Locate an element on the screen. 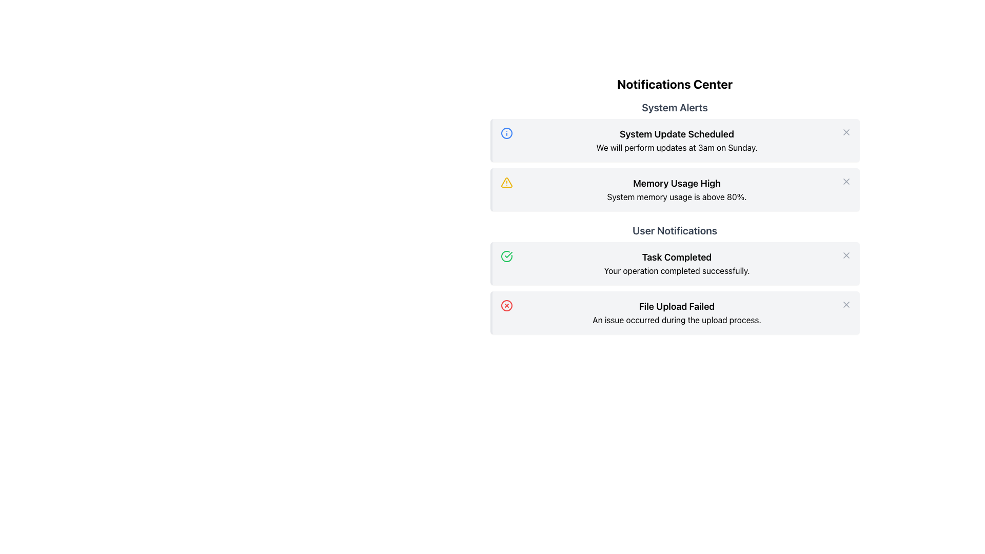 The height and width of the screenshot is (554, 985). text content of the second notification card under the 'System Alerts' section in the Notifications Center, which warns about high system memory usage is located at coordinates (675, 190).